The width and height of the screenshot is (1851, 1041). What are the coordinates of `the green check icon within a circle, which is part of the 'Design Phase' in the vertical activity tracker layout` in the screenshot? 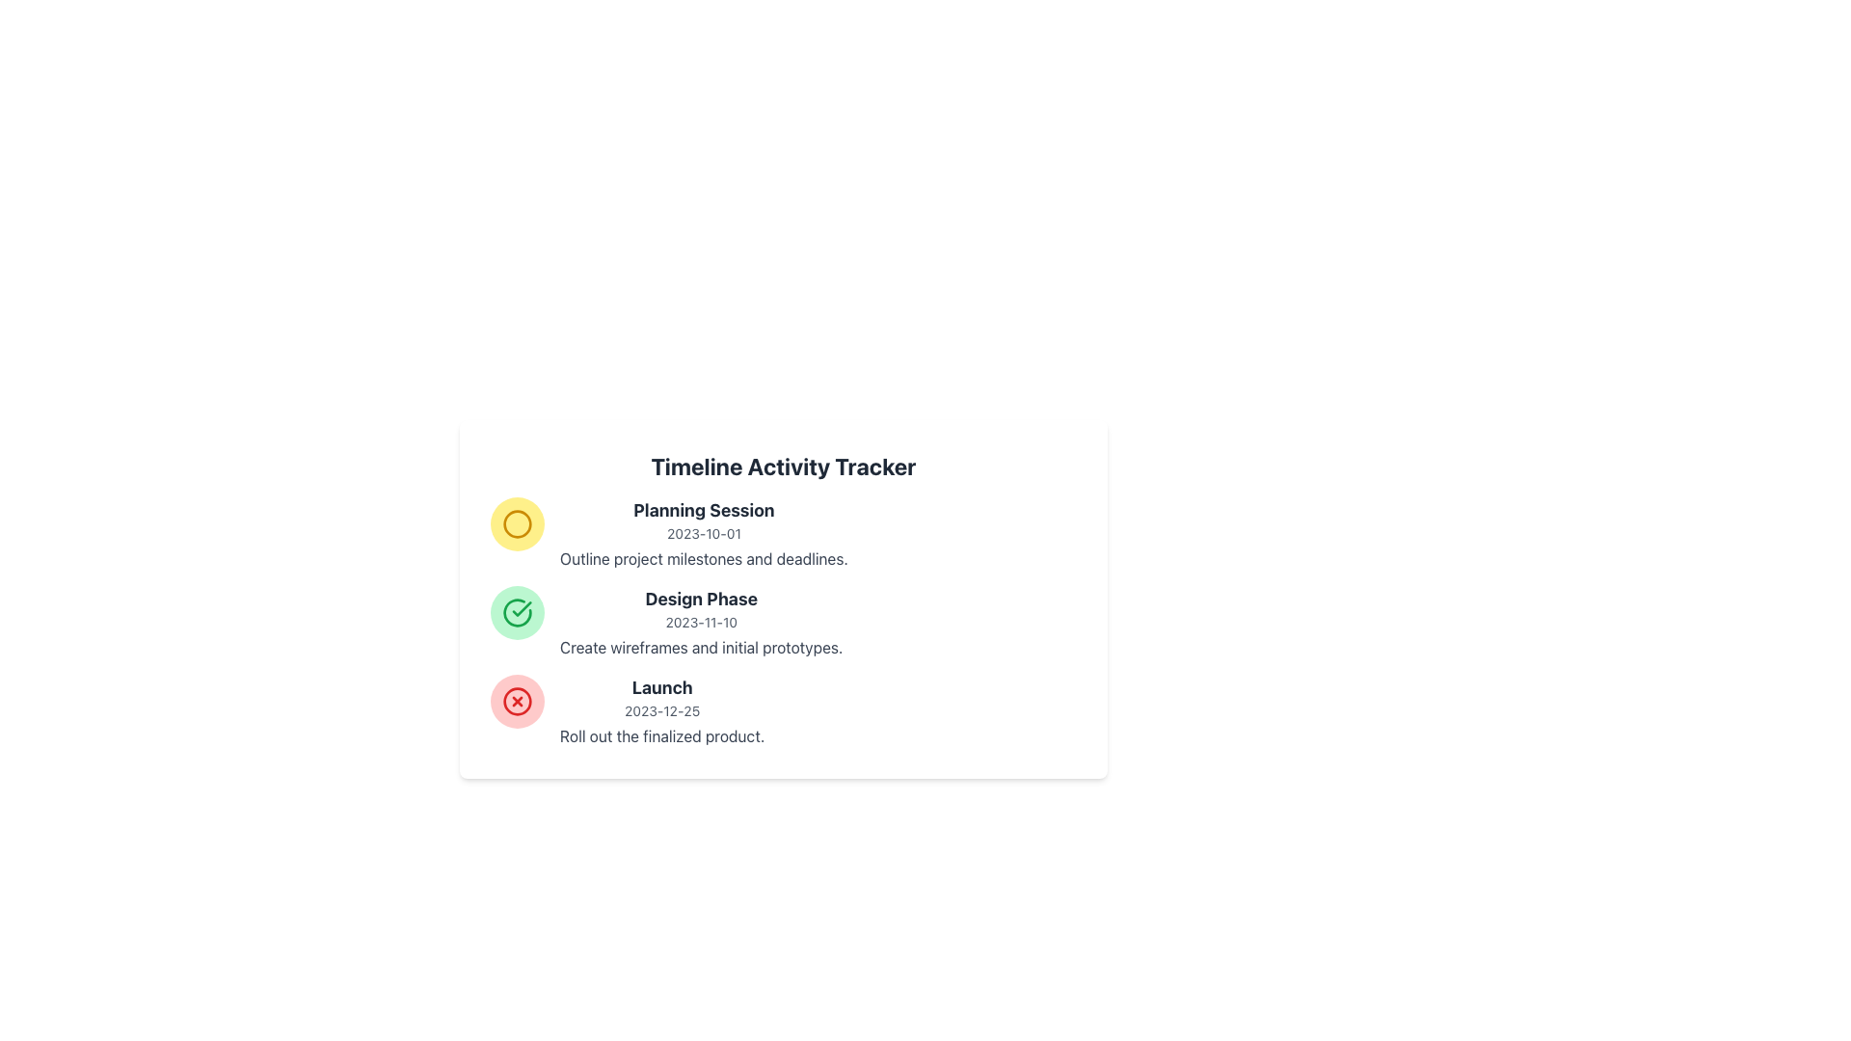 It's located at (518, 613).